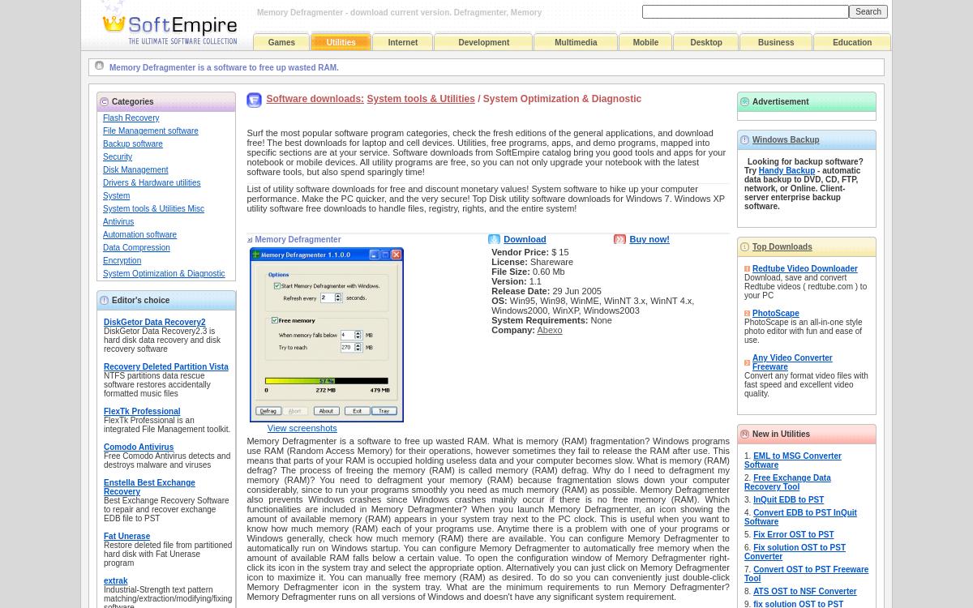  What do you see at coordinates (803, 165) in the screenshot?
I see `'Looking for backup software? Try'` at bounding box center [803, 165].